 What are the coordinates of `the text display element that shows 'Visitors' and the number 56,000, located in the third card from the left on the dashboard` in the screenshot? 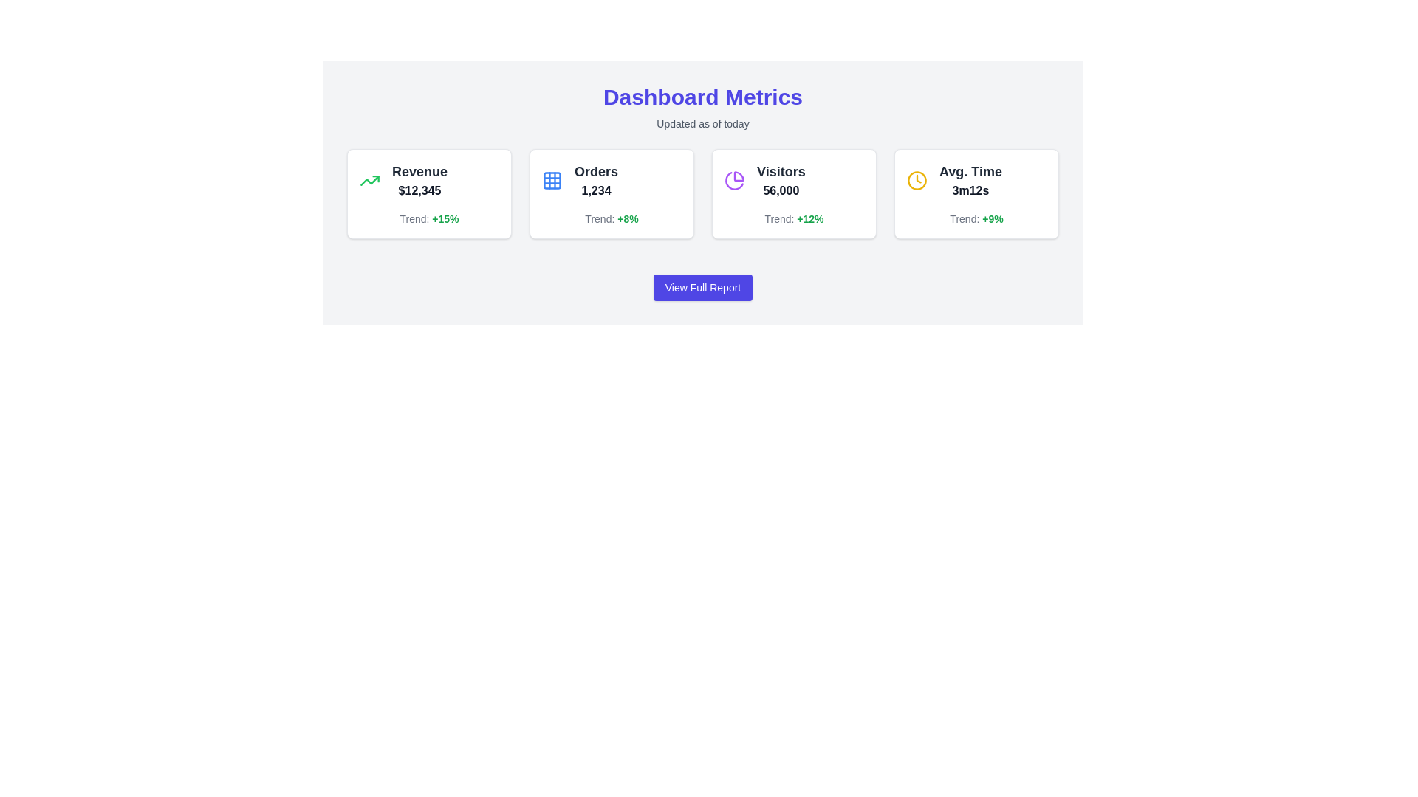 It's located at (780, 180).